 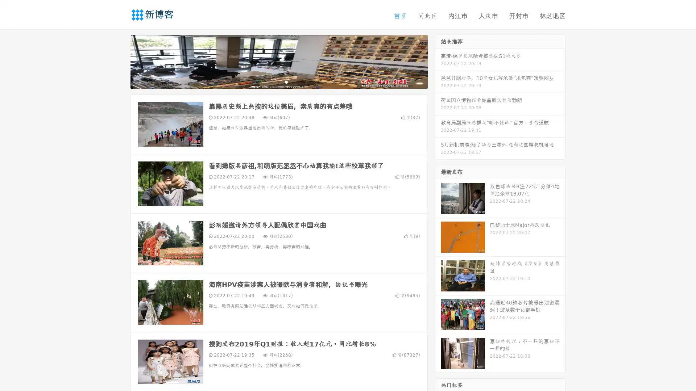 What do you see at coordinates (286, 81) in the screenshot?
I see `Go to slide 3` at bounding box center [286, 81].